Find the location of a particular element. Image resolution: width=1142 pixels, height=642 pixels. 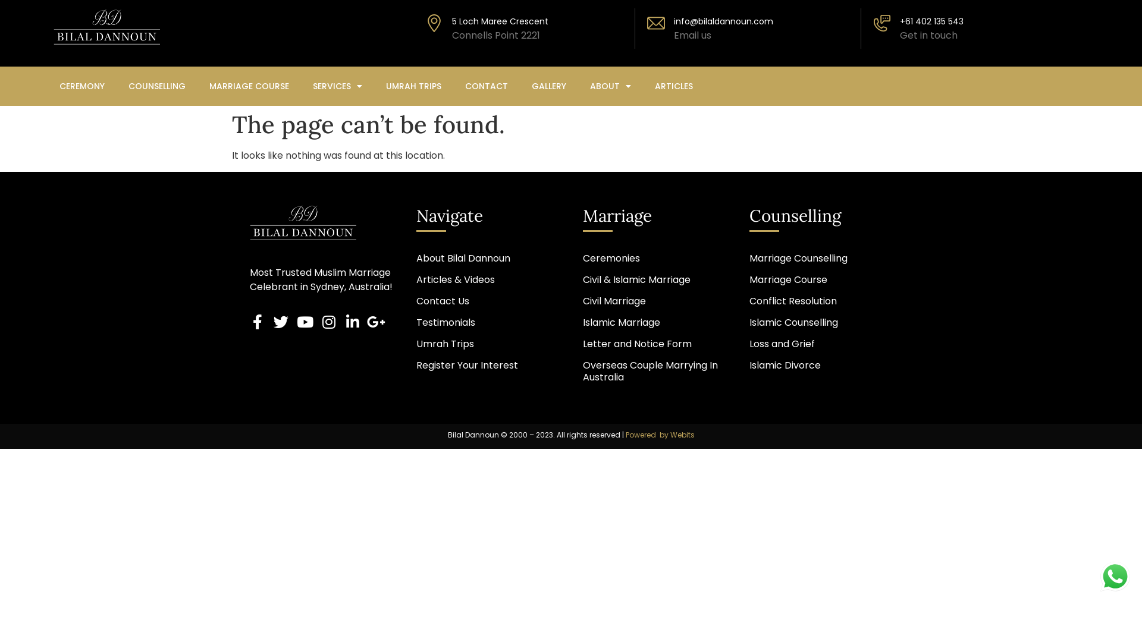

'Contact Us' is located at coordinates (416, 300).